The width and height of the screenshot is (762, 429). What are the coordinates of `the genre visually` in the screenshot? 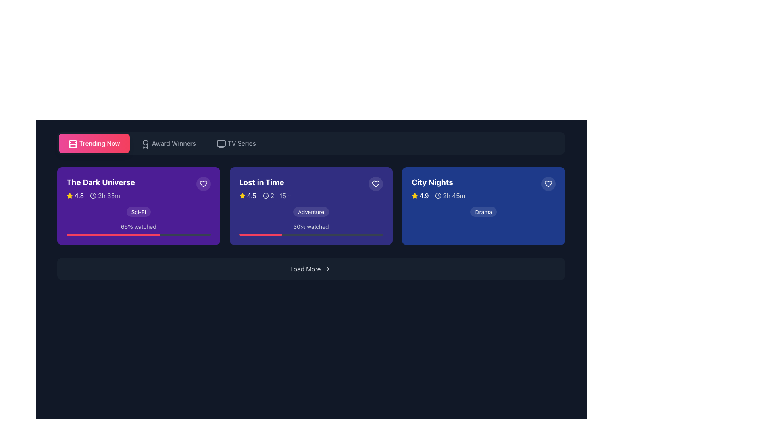 It's located at (310, 211).